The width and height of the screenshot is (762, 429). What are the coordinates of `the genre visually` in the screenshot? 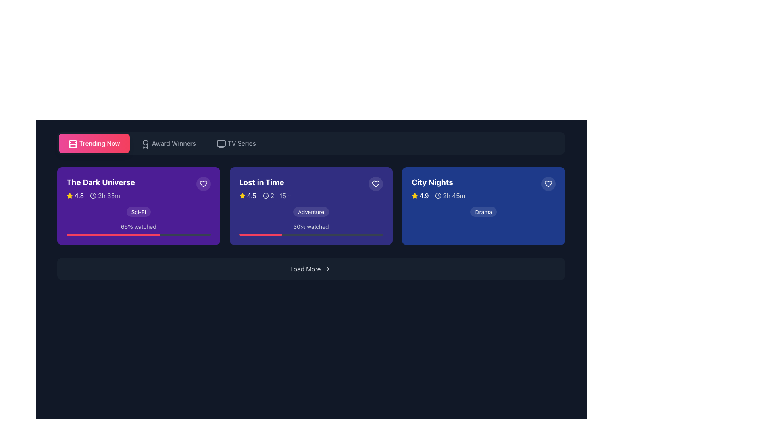 It's located at (310, 211).